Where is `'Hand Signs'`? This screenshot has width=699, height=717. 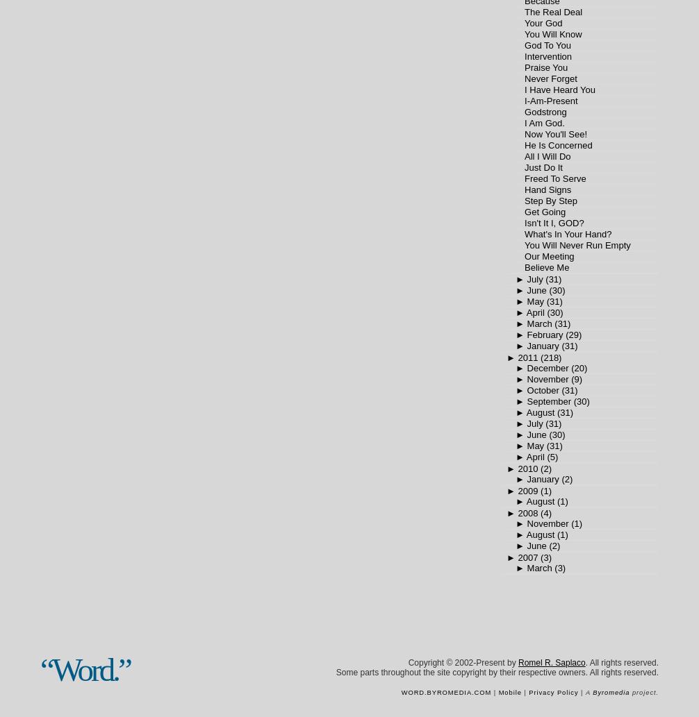
'Hand Signs' is located at coordinates (547, 189).